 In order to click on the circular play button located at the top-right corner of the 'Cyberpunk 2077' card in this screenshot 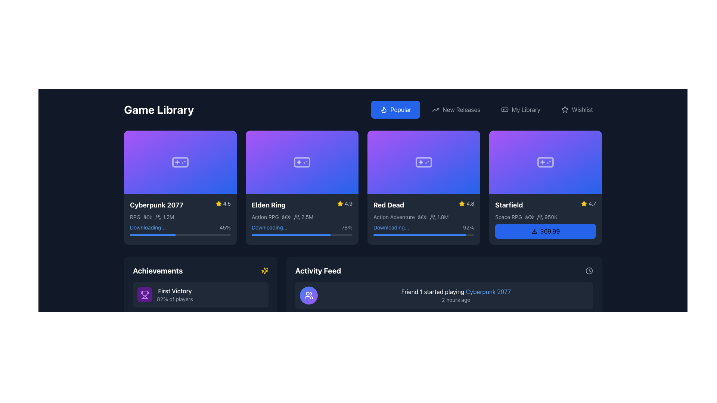, I will do `click(227, 140)`.